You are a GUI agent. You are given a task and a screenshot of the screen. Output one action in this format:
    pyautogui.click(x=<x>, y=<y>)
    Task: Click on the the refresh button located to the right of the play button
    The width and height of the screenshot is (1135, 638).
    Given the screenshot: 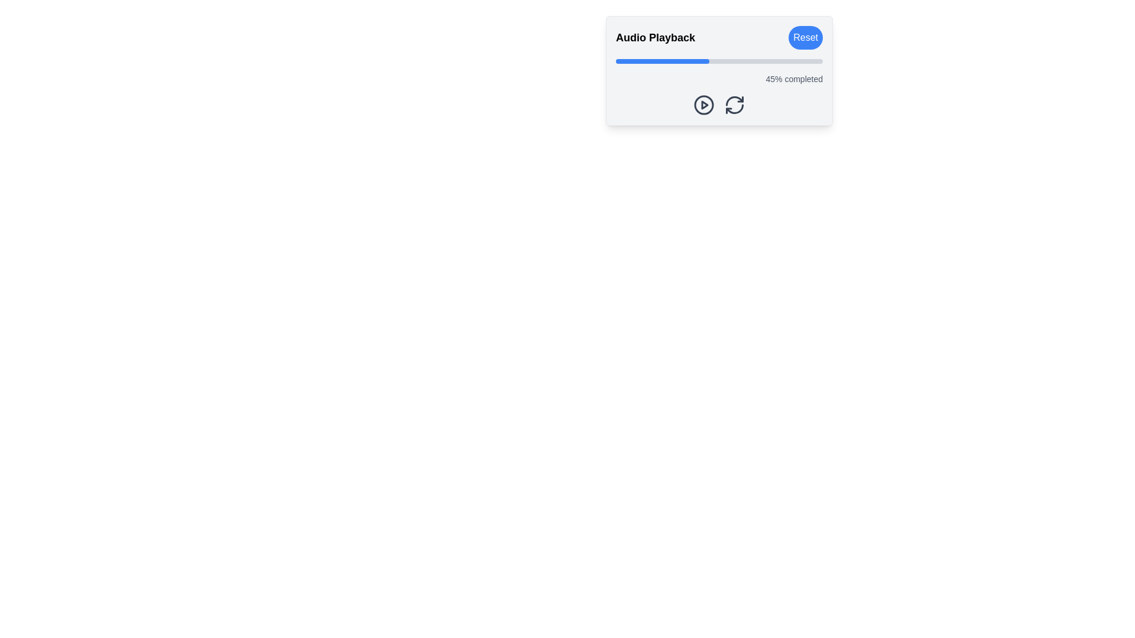 What is the action you would take?
    pyautogui.click(x=734, y=104)
    